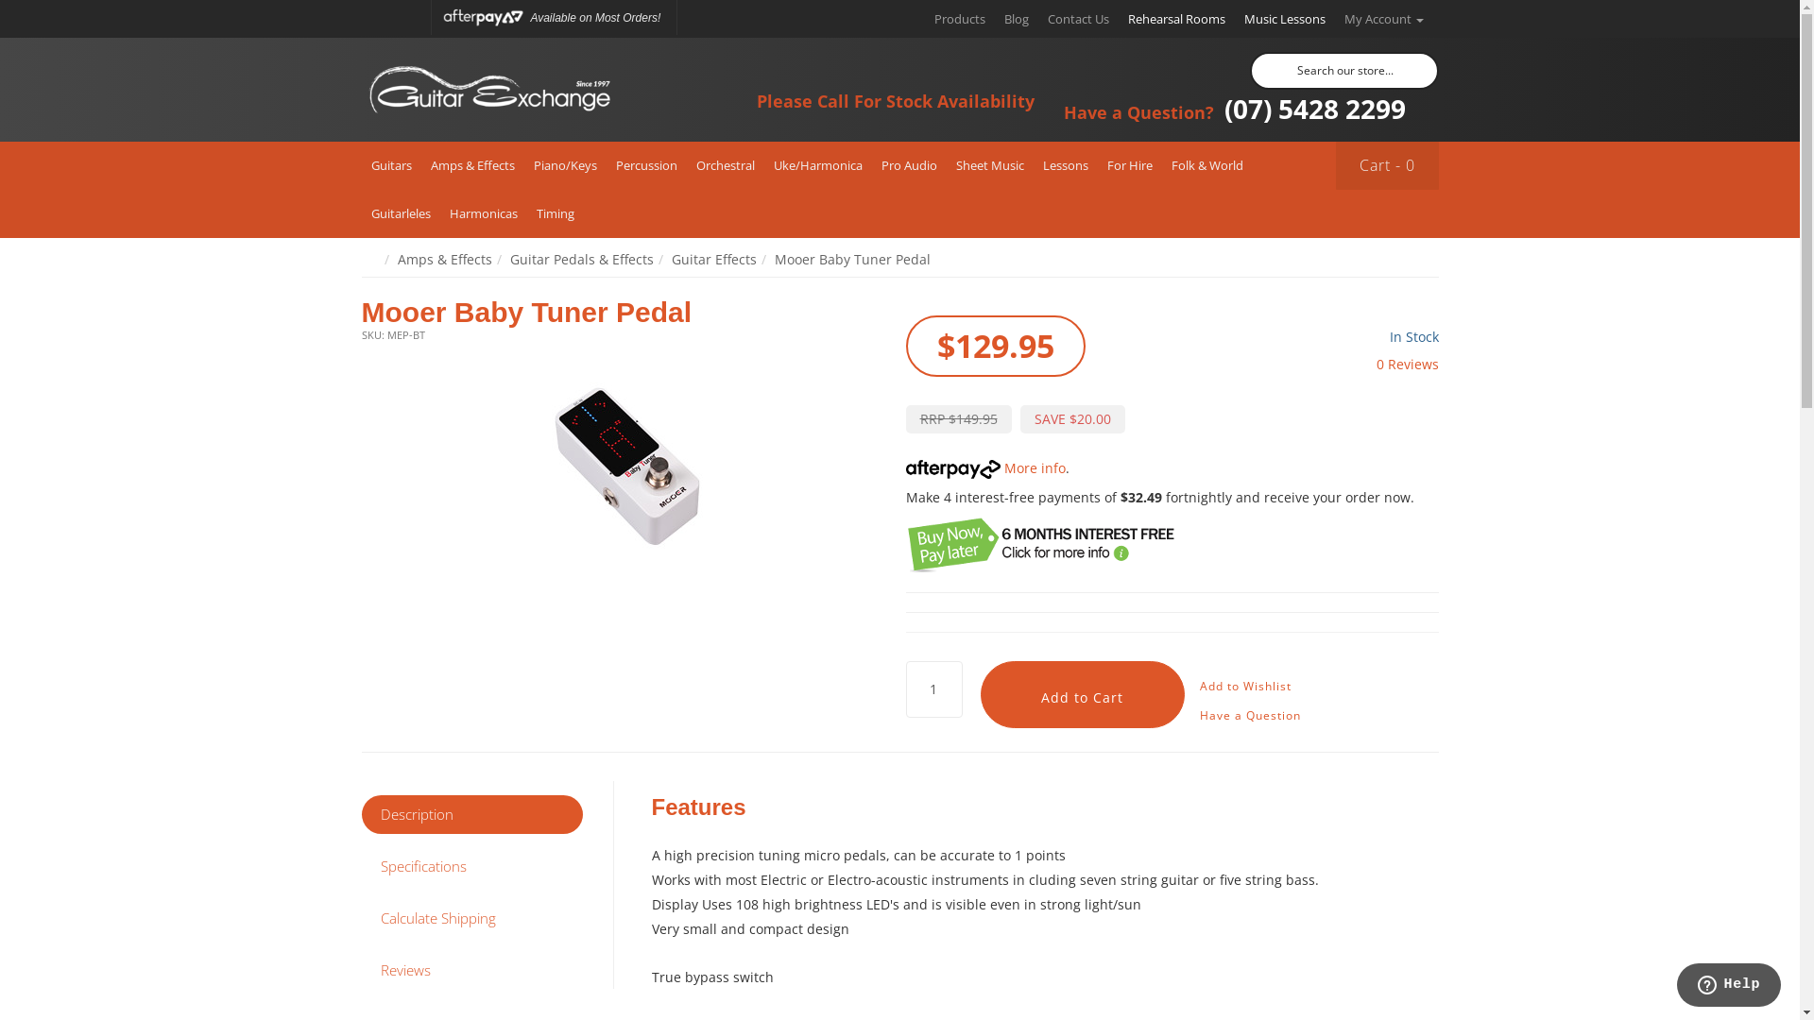 This screenshot has height=1020, width=1814. Describe the element at coordinates (1066, 164) in the screenshot. I see `'Lessons'` at that location.